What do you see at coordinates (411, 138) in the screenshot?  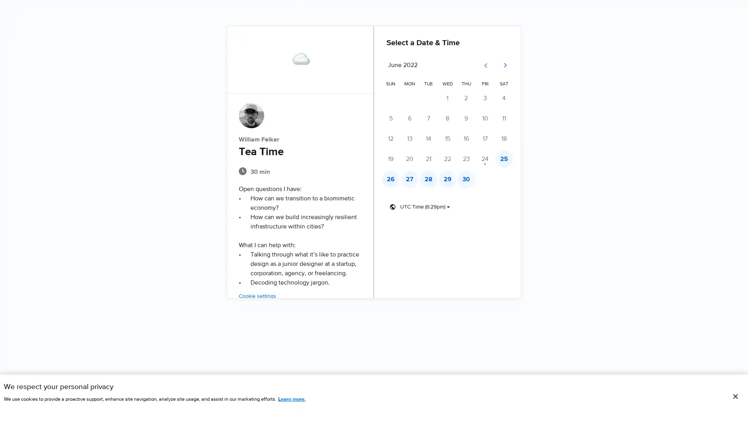 I see `Monday, June 13 - No times available` at bounding box center [411, 138].